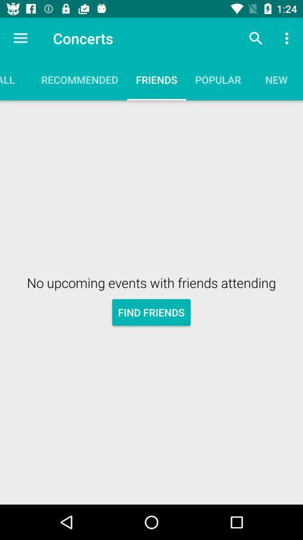 The width and height of the screenshot is (303, 540). What do you see at coordinates (255, 38) in the screenshot?
I see `icon above popular` at bounding box center [255, 38].